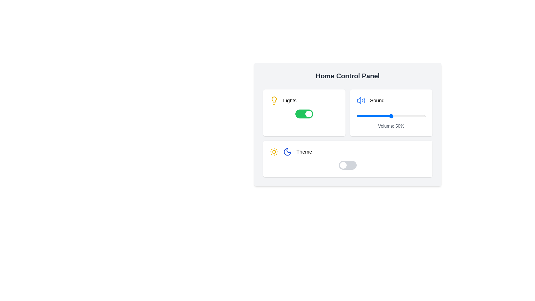 Image resolution: width=535 pixels, height=301 pixels. I want to click on the moon icon in the Theme section of the Home Control Panel, which is styled in blue and represents the current theme, so click(288, 152).